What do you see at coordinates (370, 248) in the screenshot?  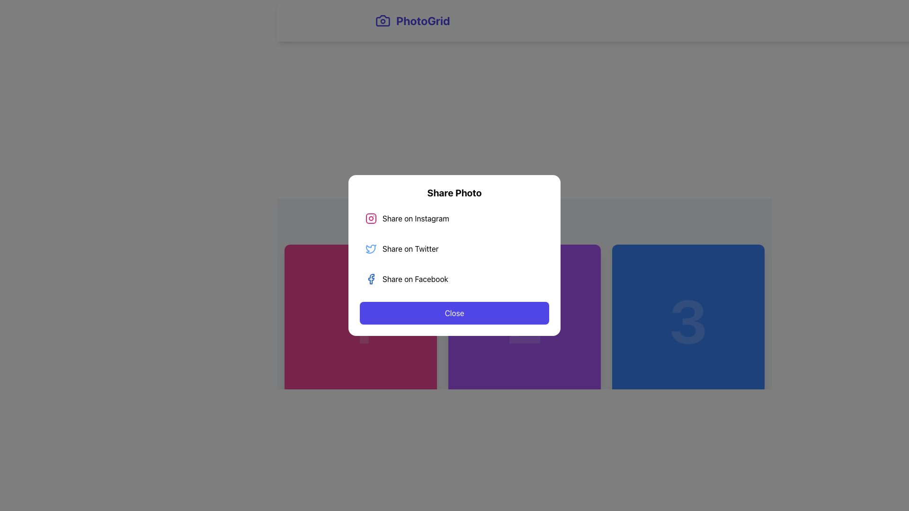 I see `the Twitter icon in the 'Share on Twitter' button located in the dialog titled 'Share Photo', positioned as the second item in the options list` at bounding box center [370, 248].